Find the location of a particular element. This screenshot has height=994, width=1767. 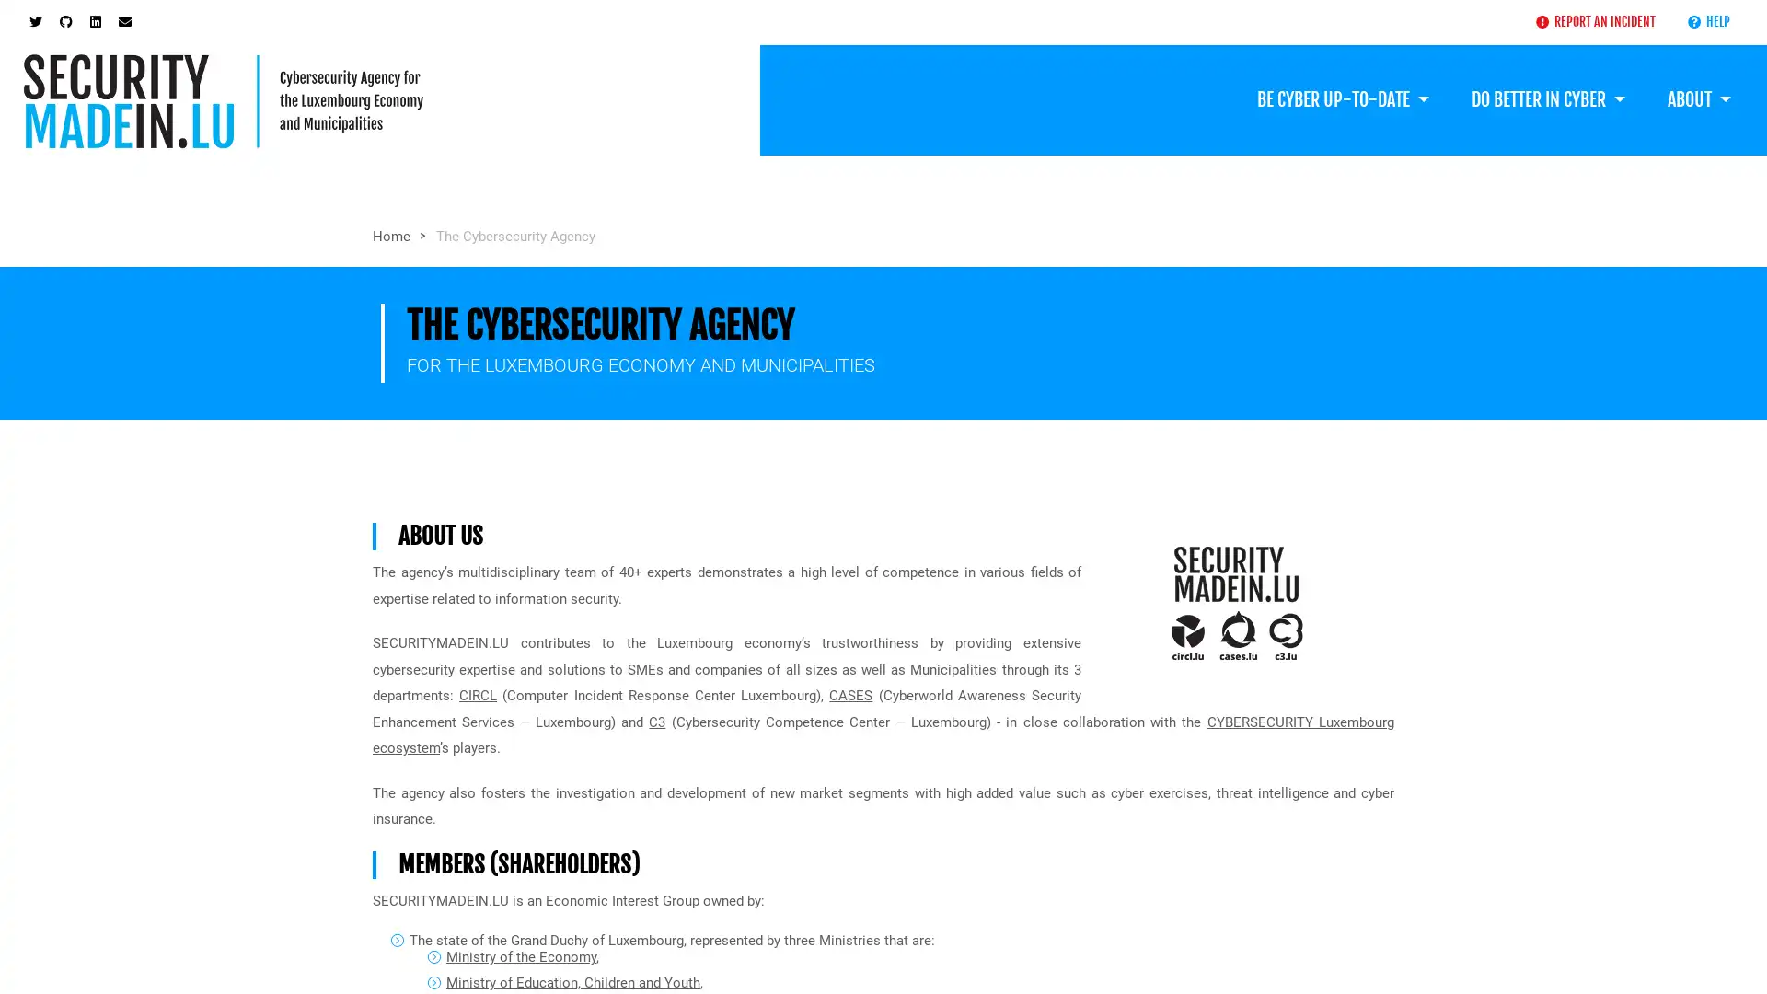

DO BETTER IN CYBER is located at coordinates (1546, 99).